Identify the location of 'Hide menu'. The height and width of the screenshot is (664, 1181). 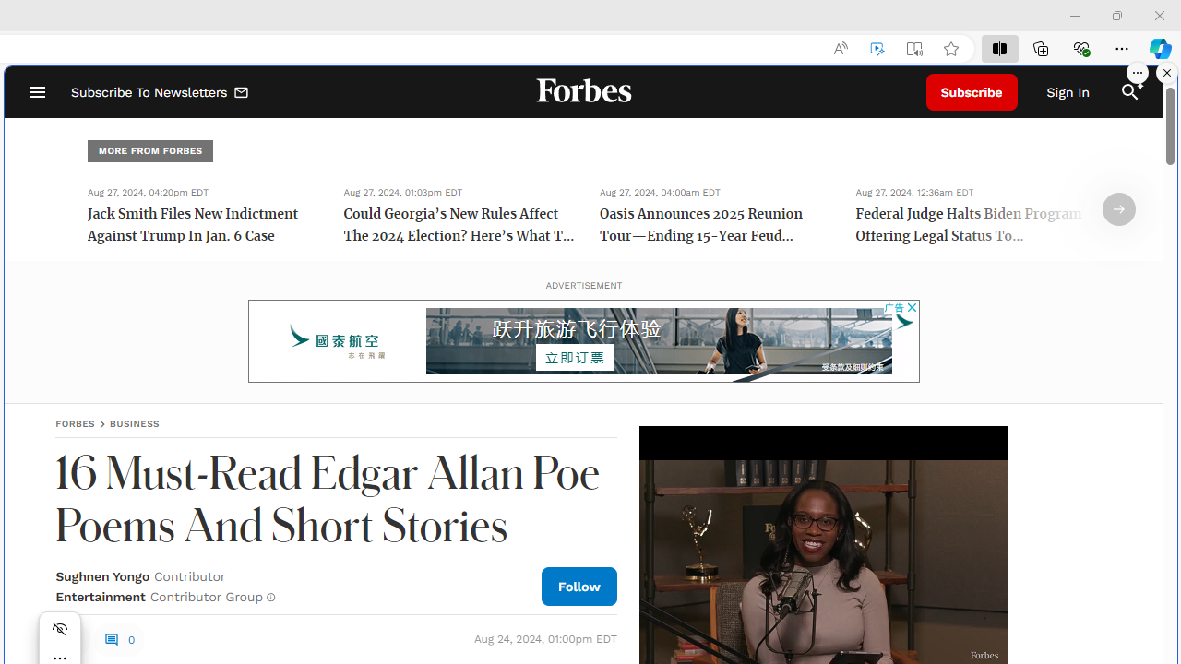
(60, 627).